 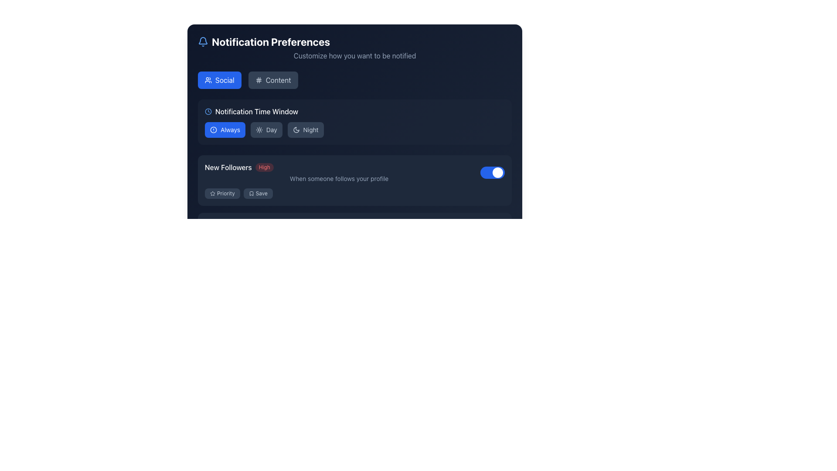 What do you see at coordinates (257, 193) in the screenshot?
I see `the second button in the 'New Followers' section, located to the right of the 'Priority' button` at bounding box center [257, 193].